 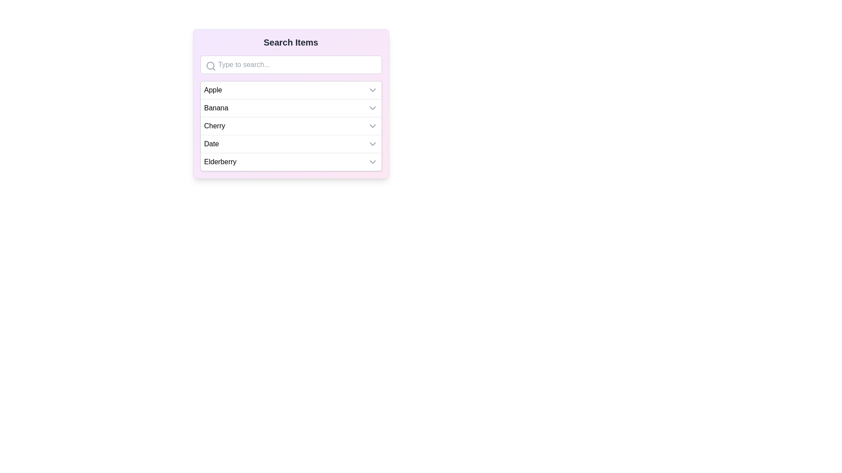 I want to click on the 'Cherry' list item, so click(x=291, y=126).